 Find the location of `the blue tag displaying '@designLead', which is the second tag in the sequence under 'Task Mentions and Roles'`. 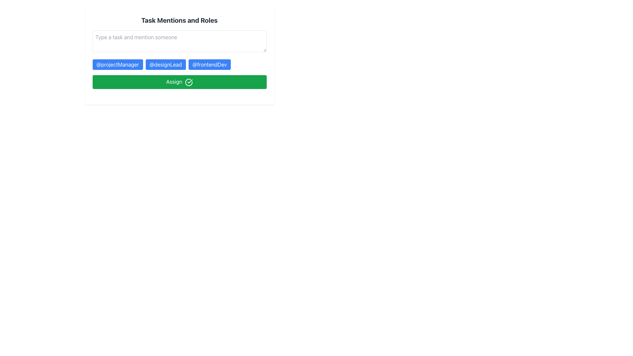

the blue tag displaying '@designLead', which is the second tag in the sequence under 'Task Mentions and Roles' is located at coordinates (179, 65).